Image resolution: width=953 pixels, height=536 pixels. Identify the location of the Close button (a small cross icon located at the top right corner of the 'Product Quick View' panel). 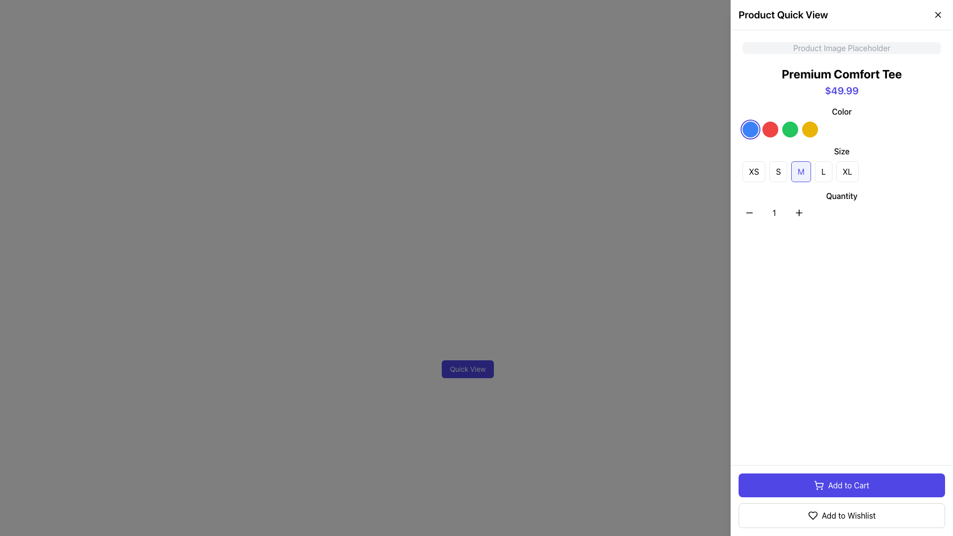
(938, 15).